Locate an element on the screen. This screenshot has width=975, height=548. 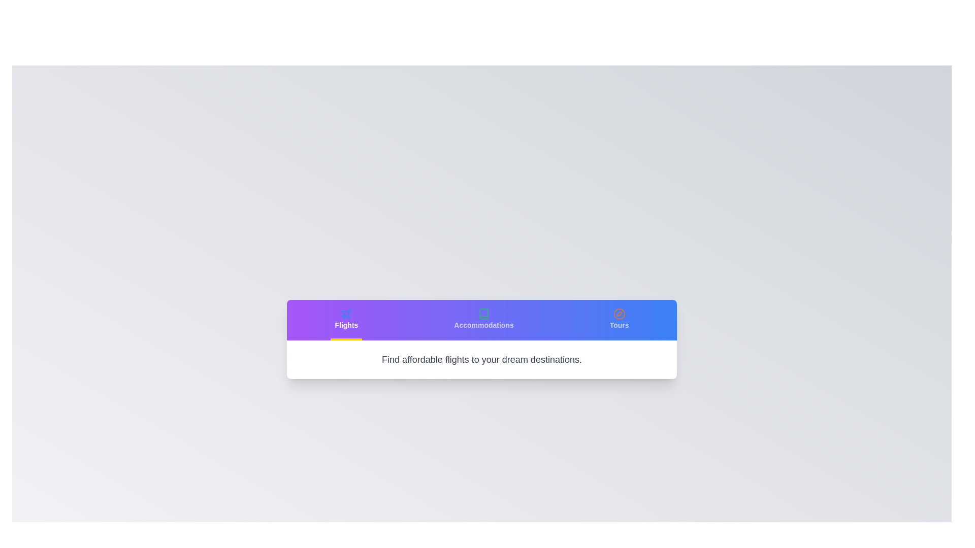
the Flights tab to display its content is located at coordinates (346, 320).